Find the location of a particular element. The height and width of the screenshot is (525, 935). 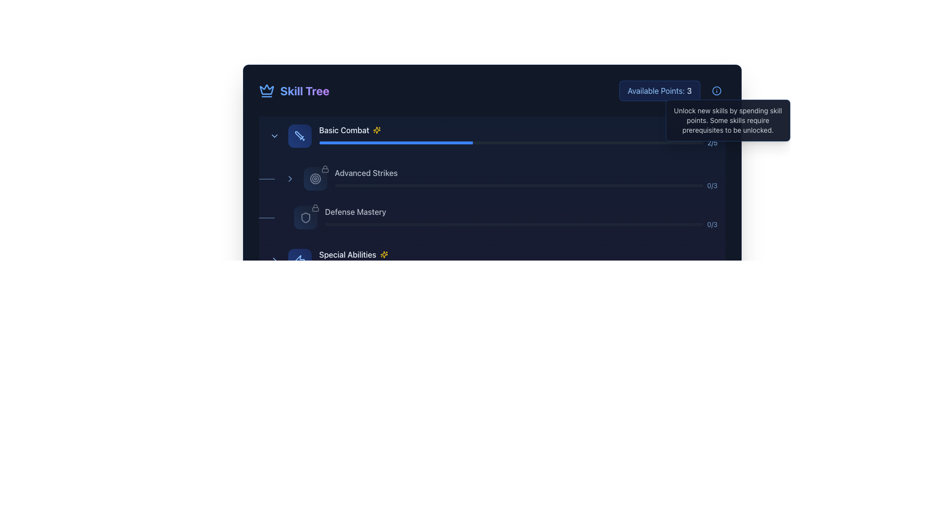

the 'Advanced Strikes' text label located in the second row under the 'Basic Combat' skill section of the skill tree layout is located at coordinates (366, 172).